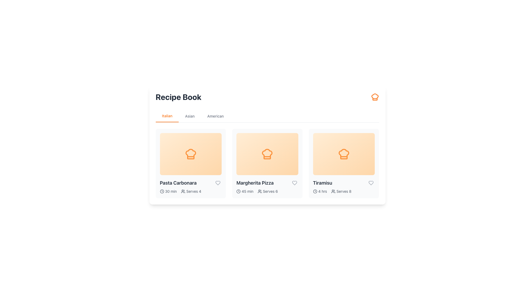 This screenshot has width=506, height=284. What do you see at coordinates (190, 154) in the screenshot?
I see `the decorative vector graphic resembling a chef's hat on the recipe card for 'Pasta Carbonara', which is outlined in orange and located at the top center of the card` at bounding box center [190, 154].